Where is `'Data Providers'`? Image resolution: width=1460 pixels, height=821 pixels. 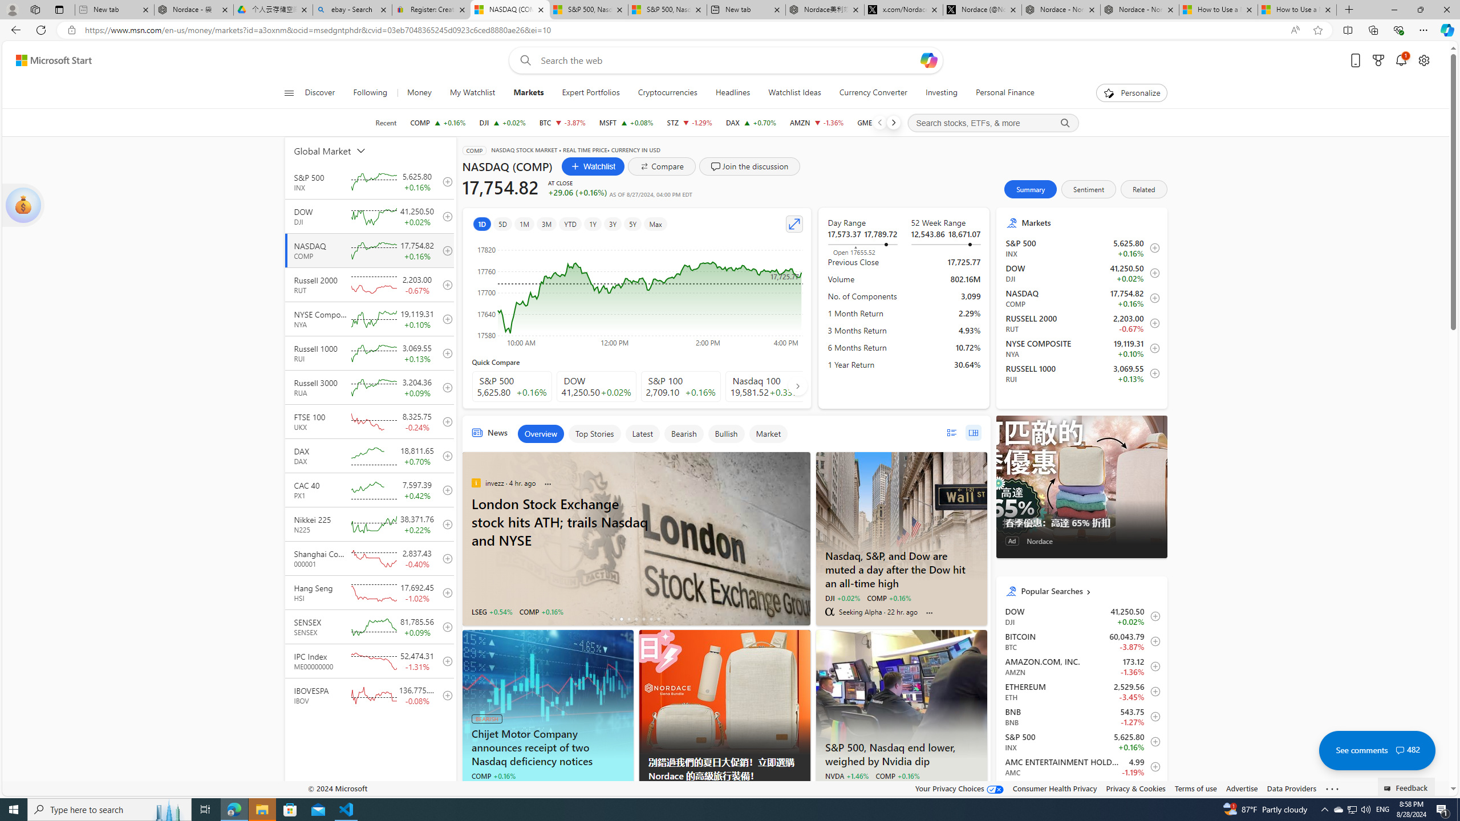
'Data Providers' is located at coordinates (1292, 788).